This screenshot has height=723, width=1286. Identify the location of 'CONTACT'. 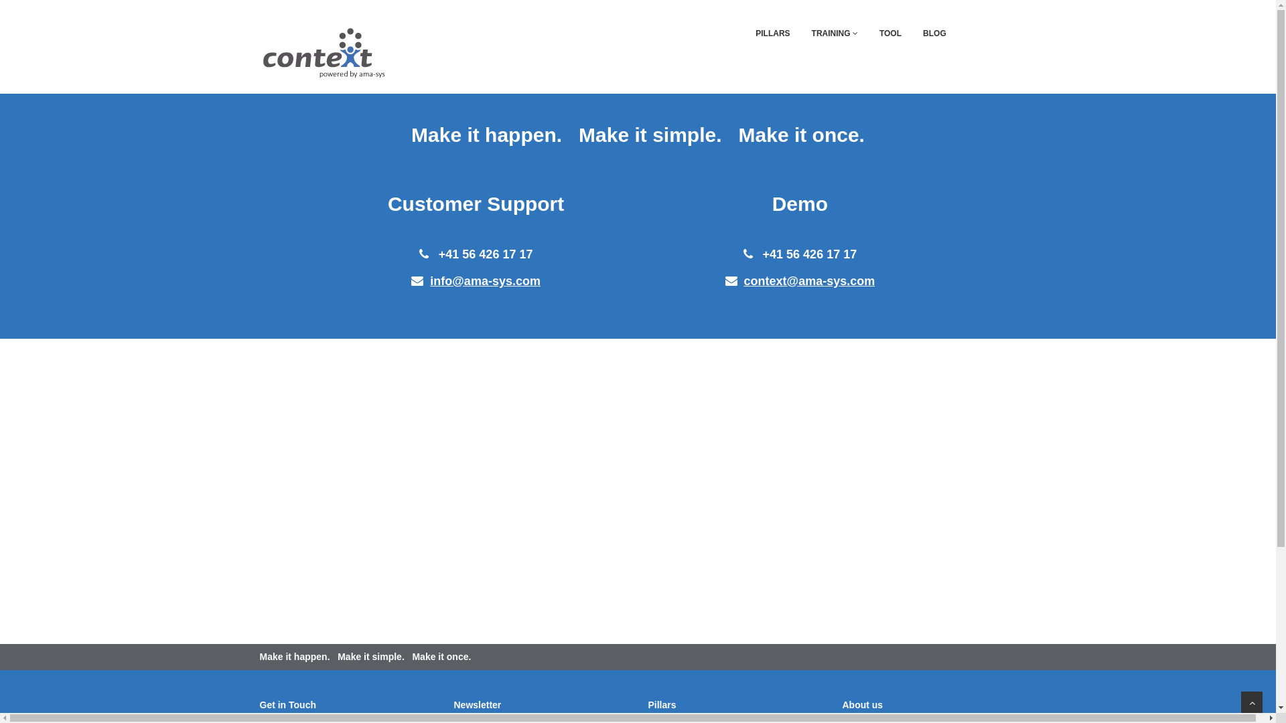
(957, 33).